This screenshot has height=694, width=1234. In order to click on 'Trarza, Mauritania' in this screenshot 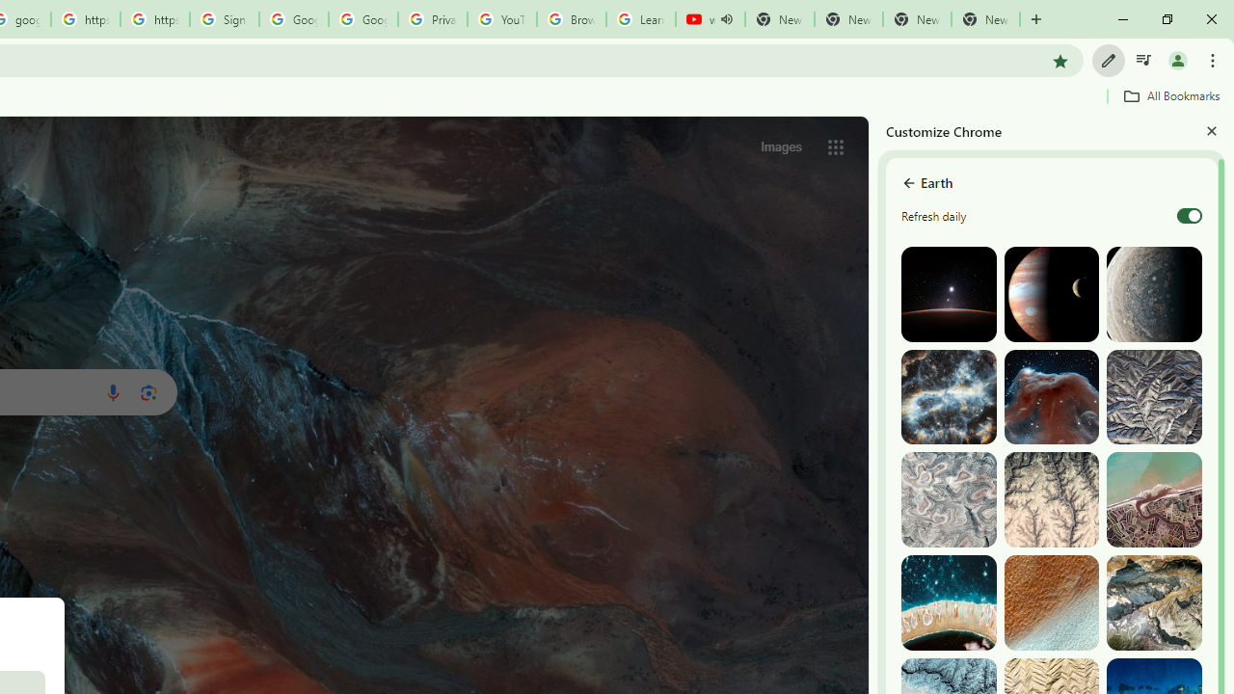, I will do `click(1050, 601)`.